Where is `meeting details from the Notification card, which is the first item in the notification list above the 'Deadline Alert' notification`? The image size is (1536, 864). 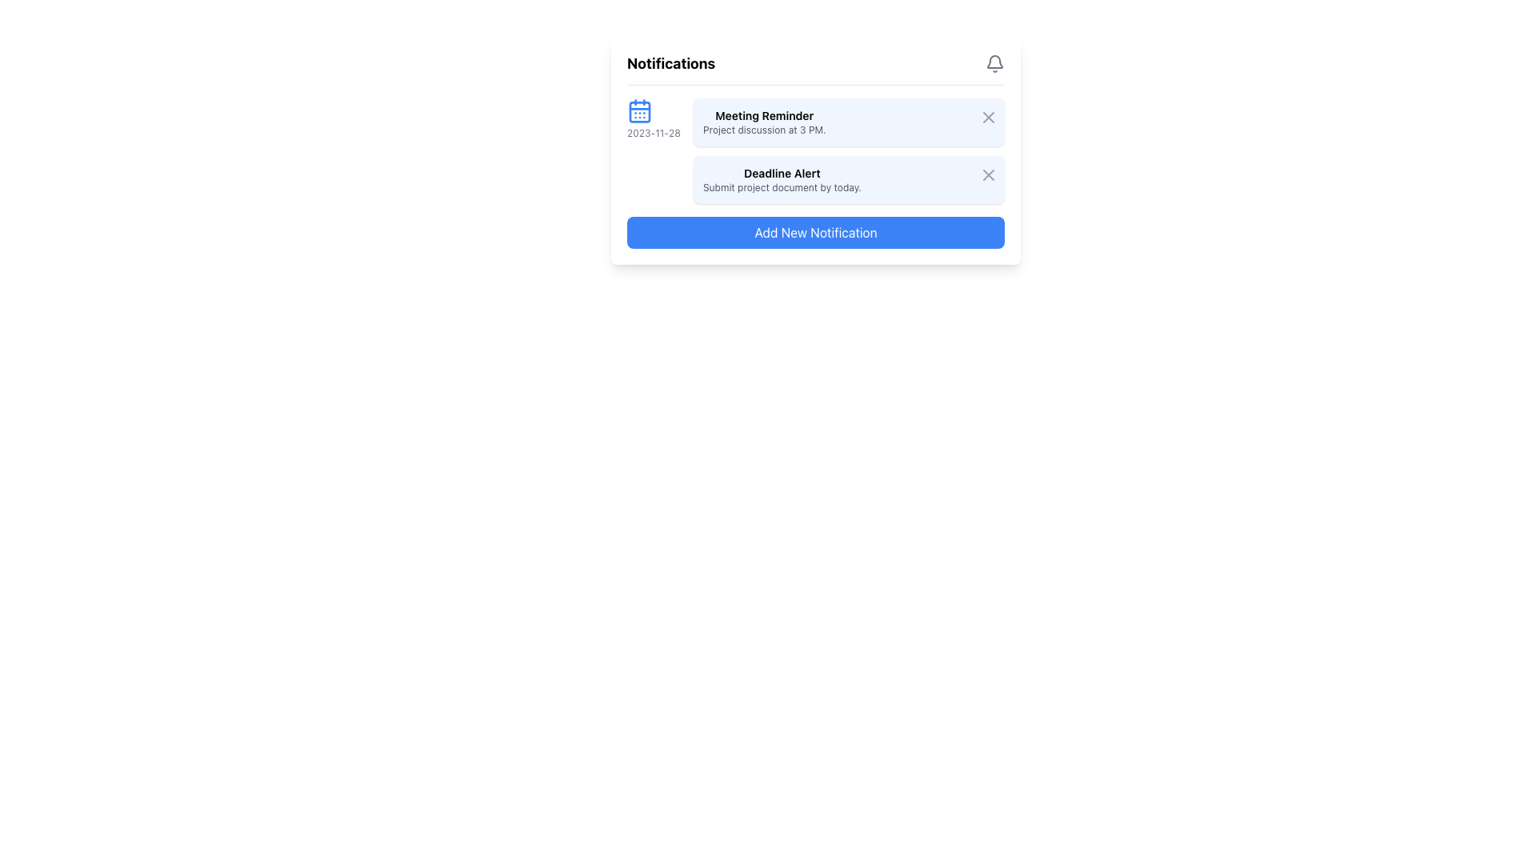 meeting details from the Notification card, which is the first item in the notification list above the 'Deadline Alert' notification is located at coordinates (848, 122).